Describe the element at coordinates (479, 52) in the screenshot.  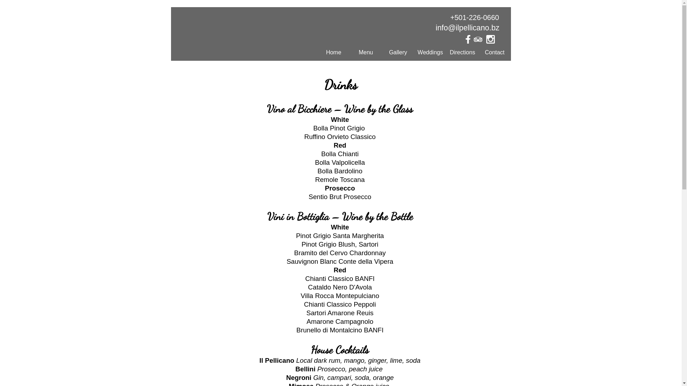
I see `'Contact'` at that location.